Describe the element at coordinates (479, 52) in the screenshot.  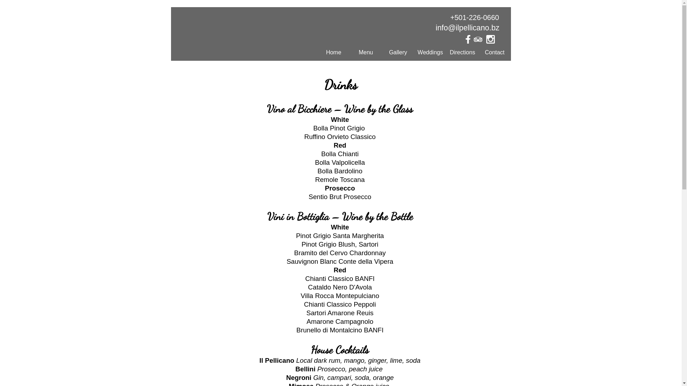
I see `'Contact'` at that location.